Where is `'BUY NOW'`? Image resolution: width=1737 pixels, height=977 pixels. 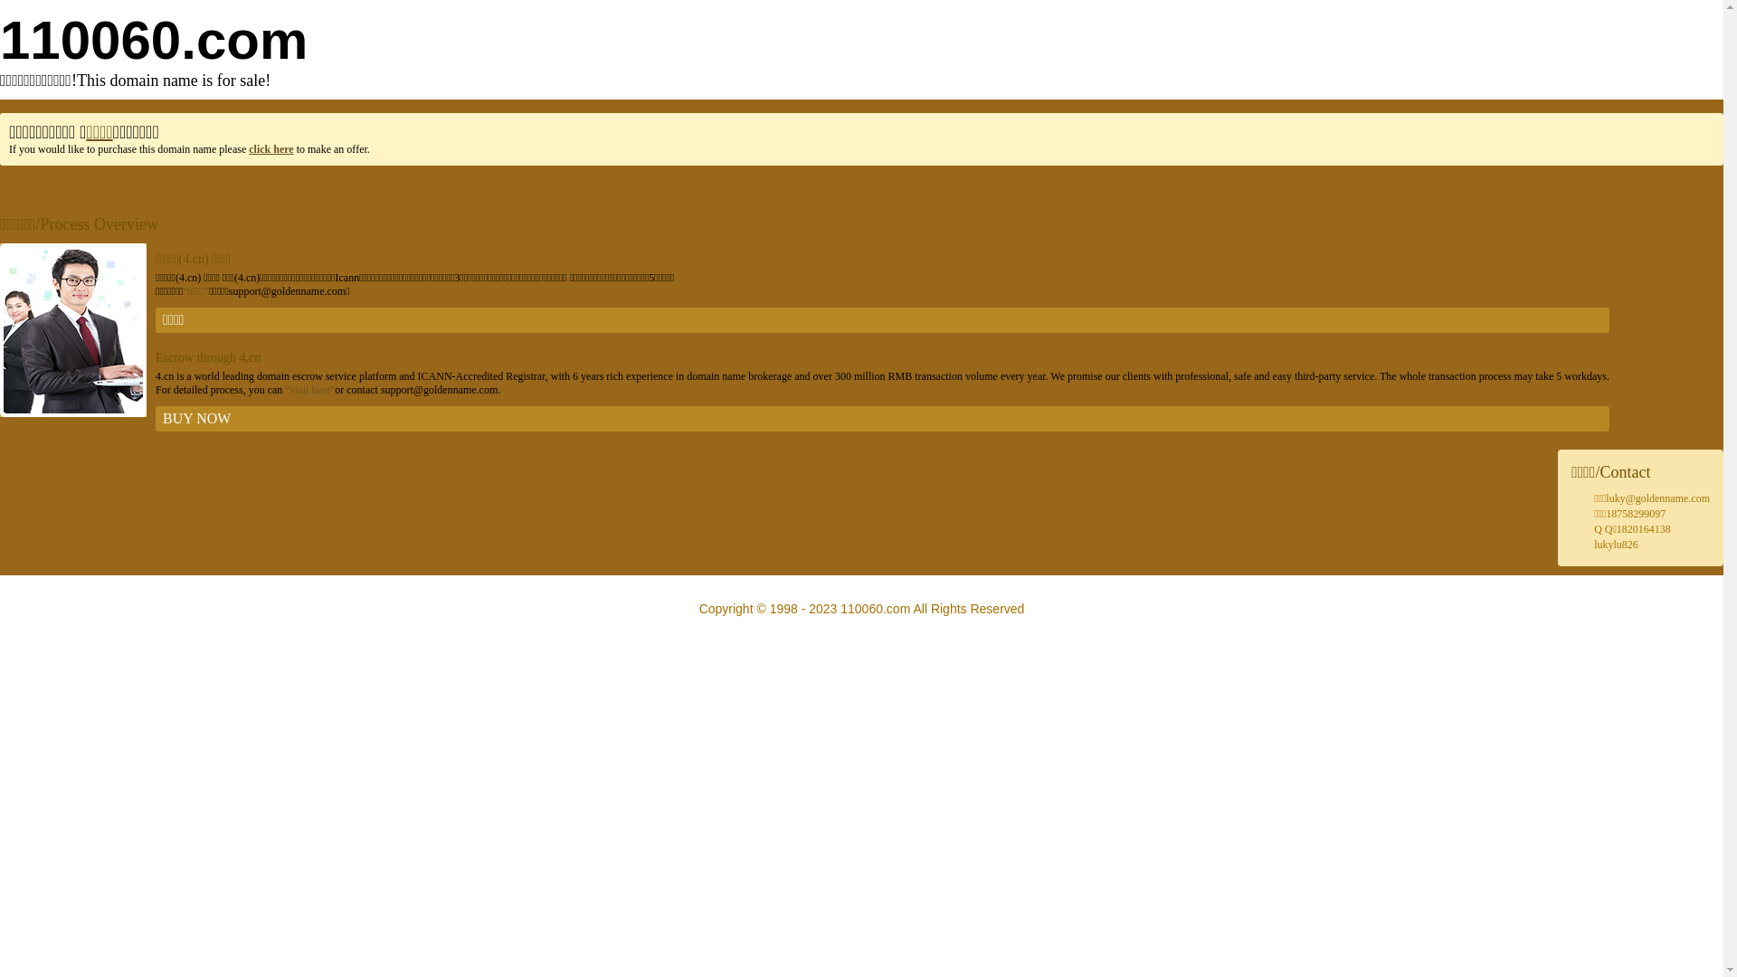
'BUY NOW' is located at coordinates (882, 418).